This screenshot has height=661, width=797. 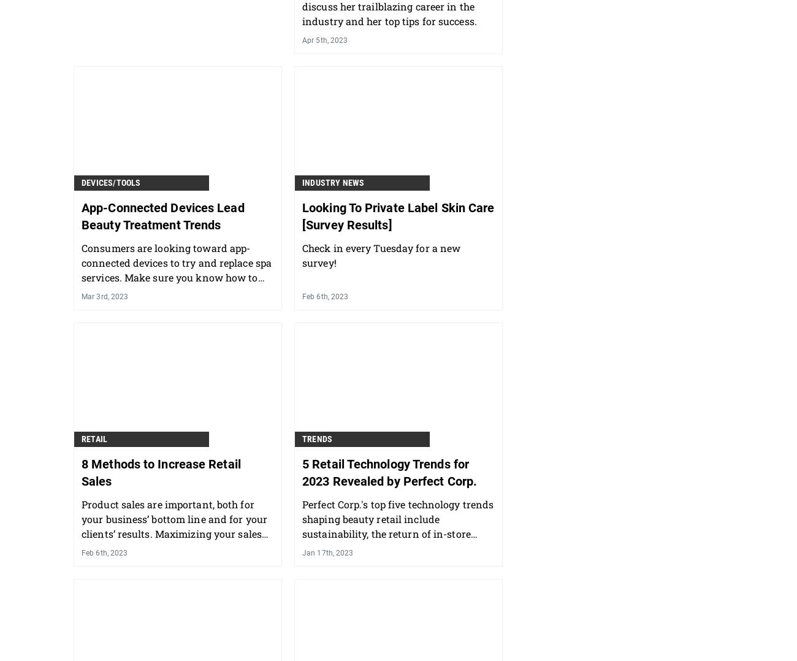 I want to click on 'Jan 17th, 2023', so click(x=327, y=552).